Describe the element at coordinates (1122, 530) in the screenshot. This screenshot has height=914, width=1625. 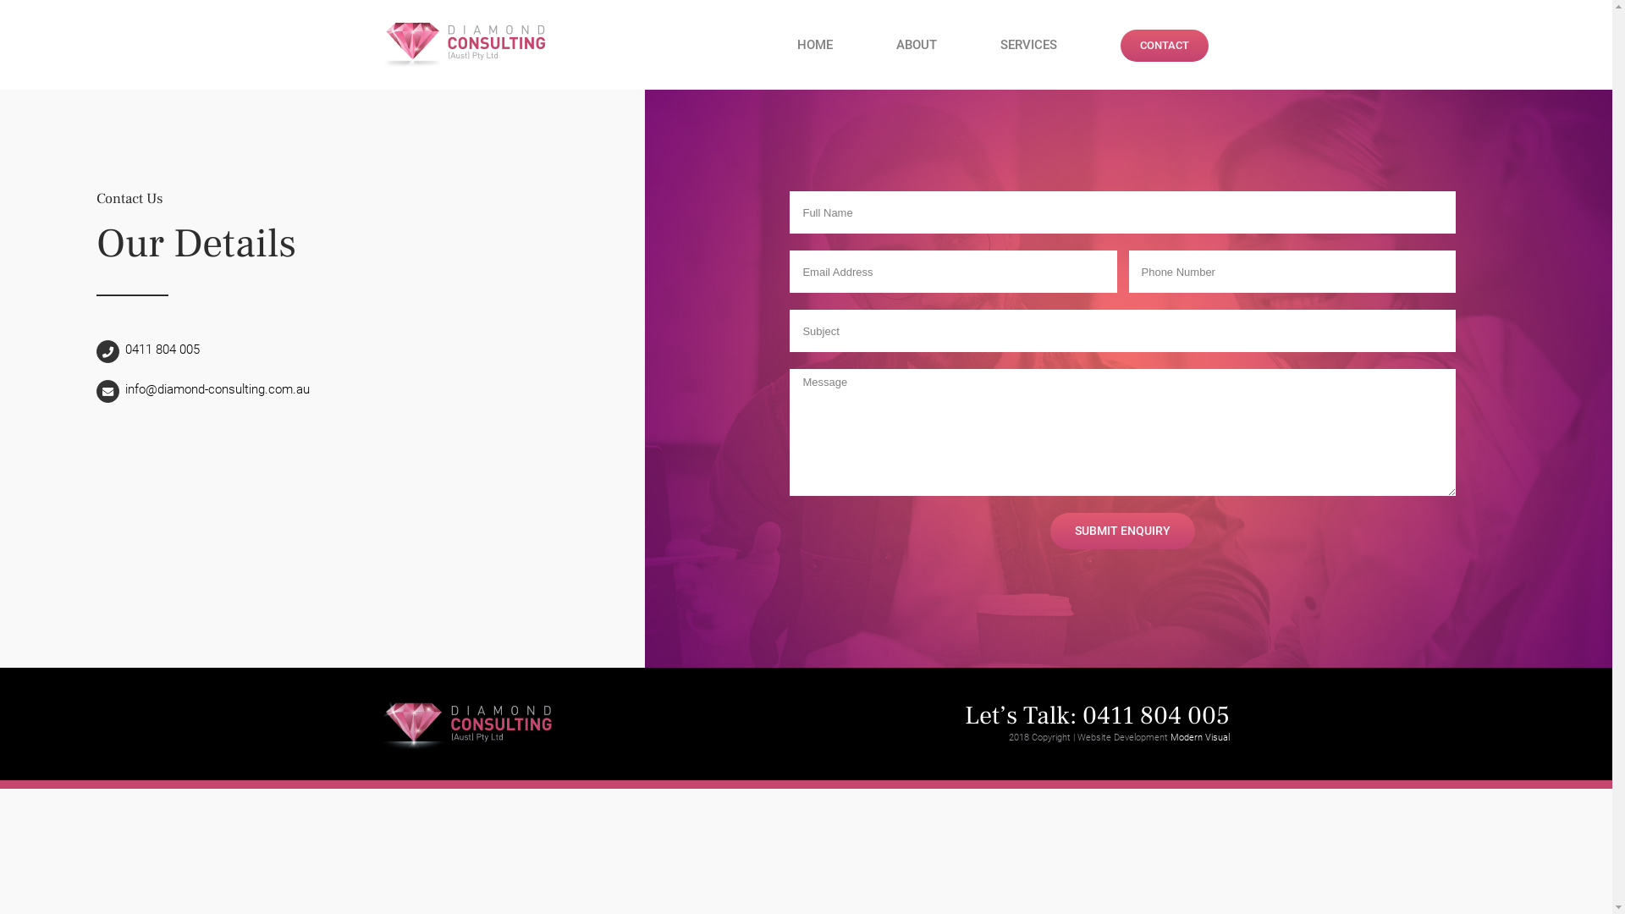
I see `'SUBMIT ENQUIRY'` at that location.